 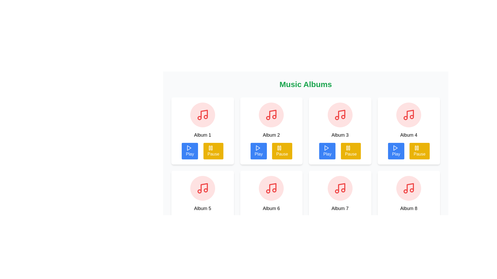 I want to click on the circular dot within the music note icon associated with 'Album 7', located in the second row, third column of the album grid, so click(x=337, y=191).